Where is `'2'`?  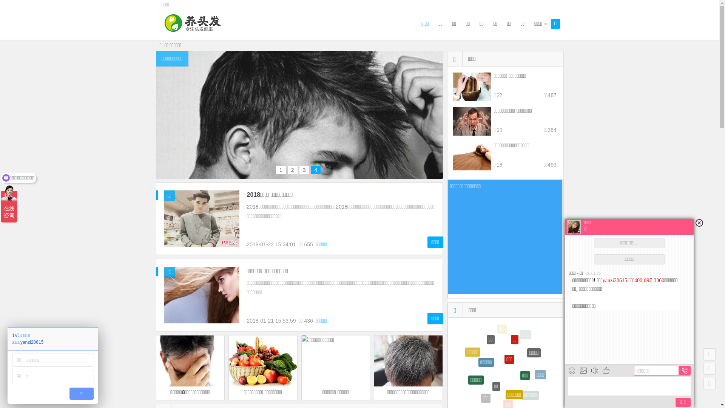 '2' is located at coordinates (292, 169).